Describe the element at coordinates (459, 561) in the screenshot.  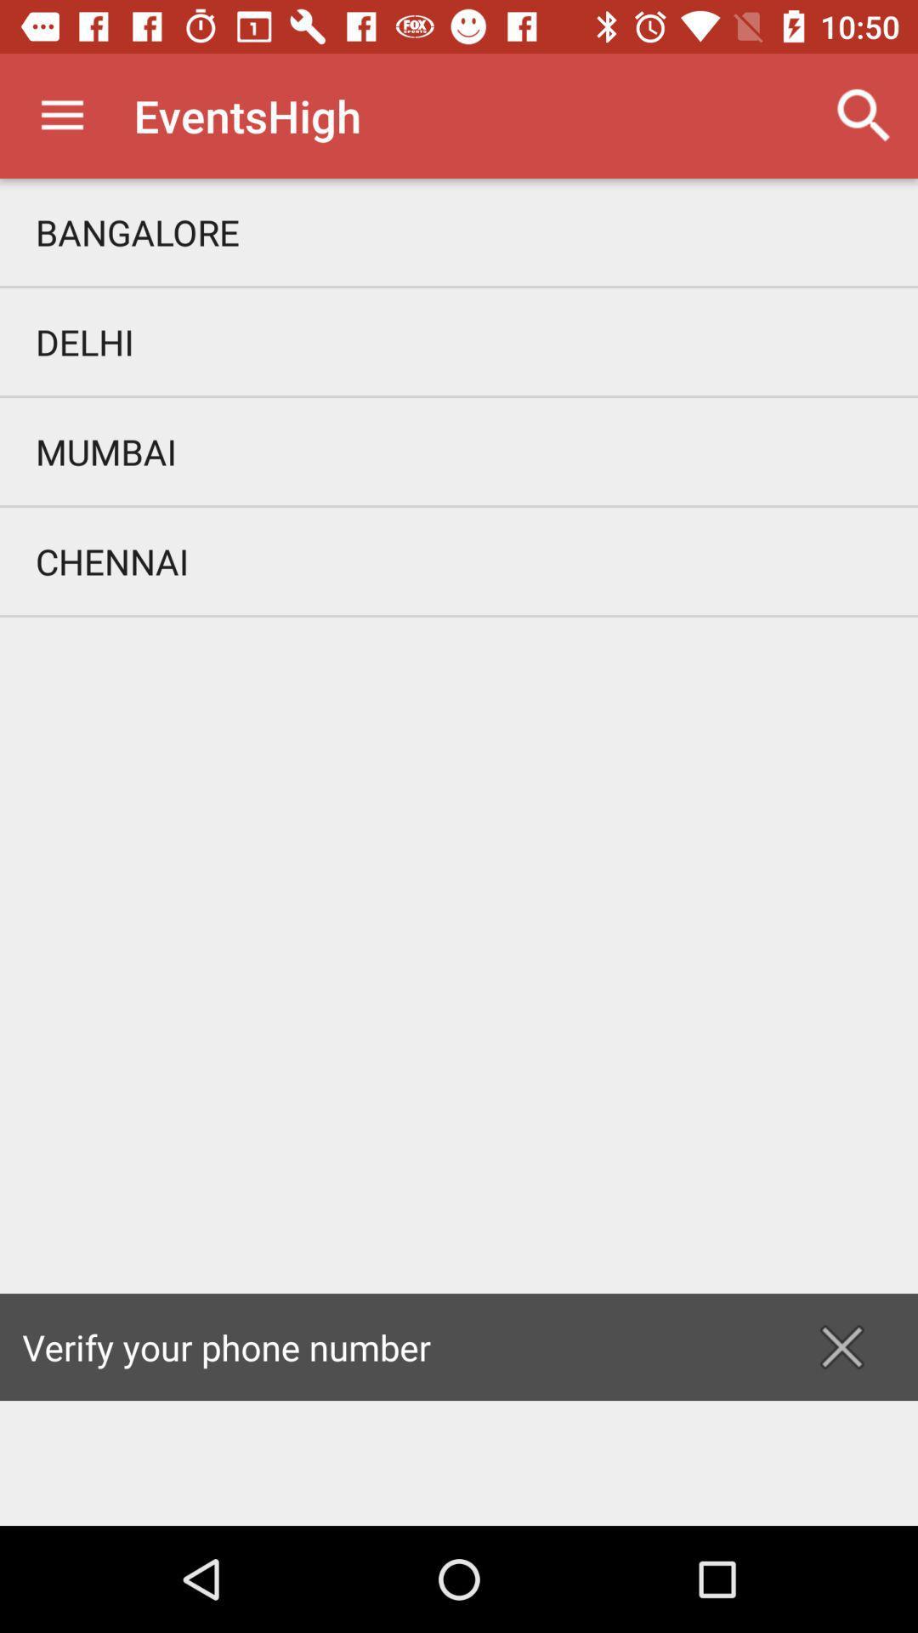
I see `chennai icon` at that location.